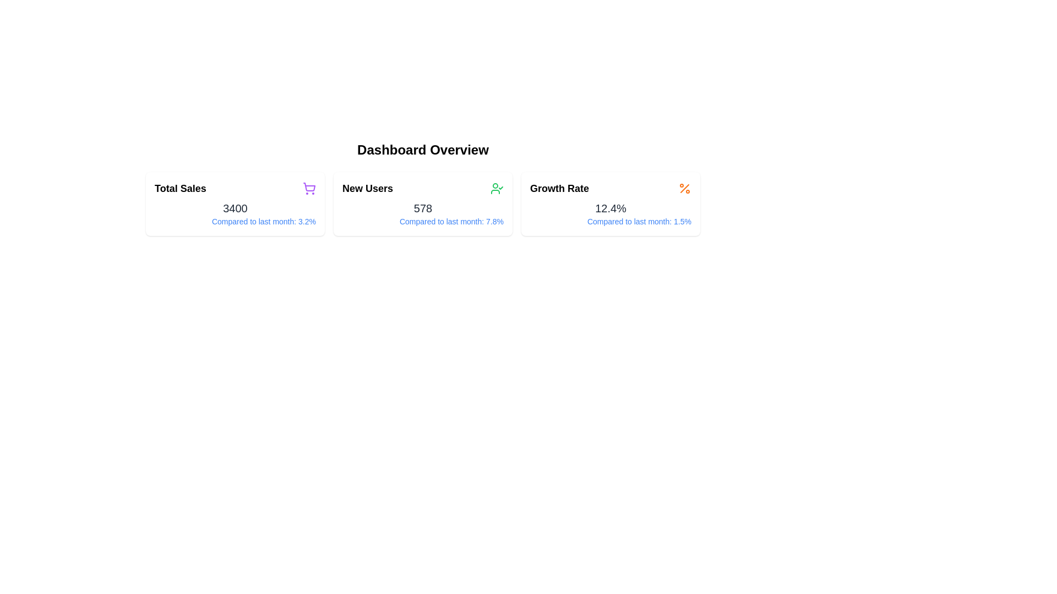 This screenshot has height=594, width=1057. I want to click on the bold text label 'Growth Rate' located in the top-left corner of the third segment of the dashboard overview section, so click(559, 188).